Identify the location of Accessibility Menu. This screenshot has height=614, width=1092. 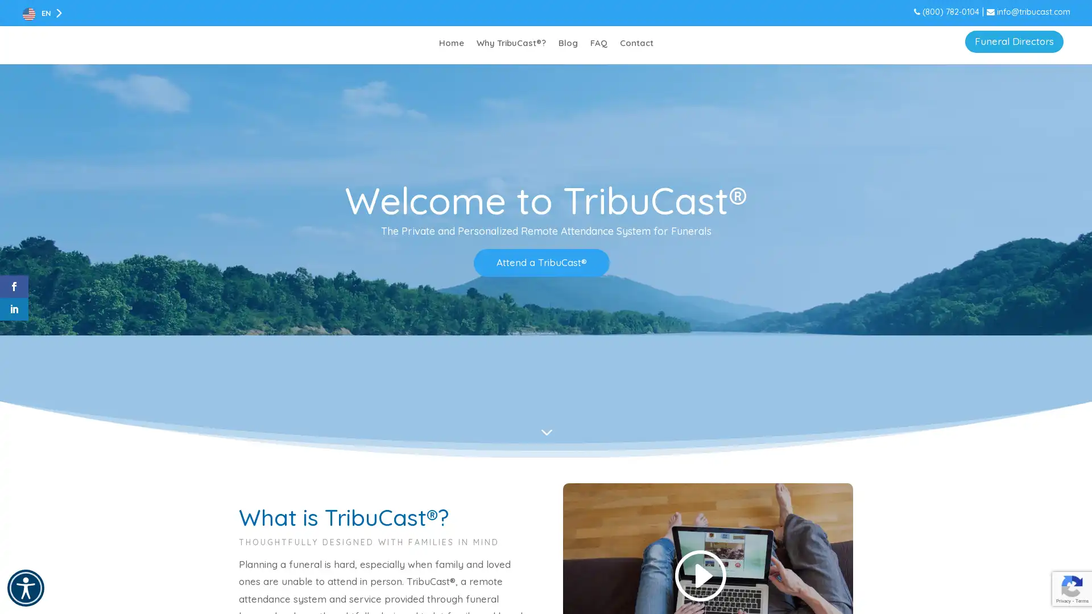
(26, 588).